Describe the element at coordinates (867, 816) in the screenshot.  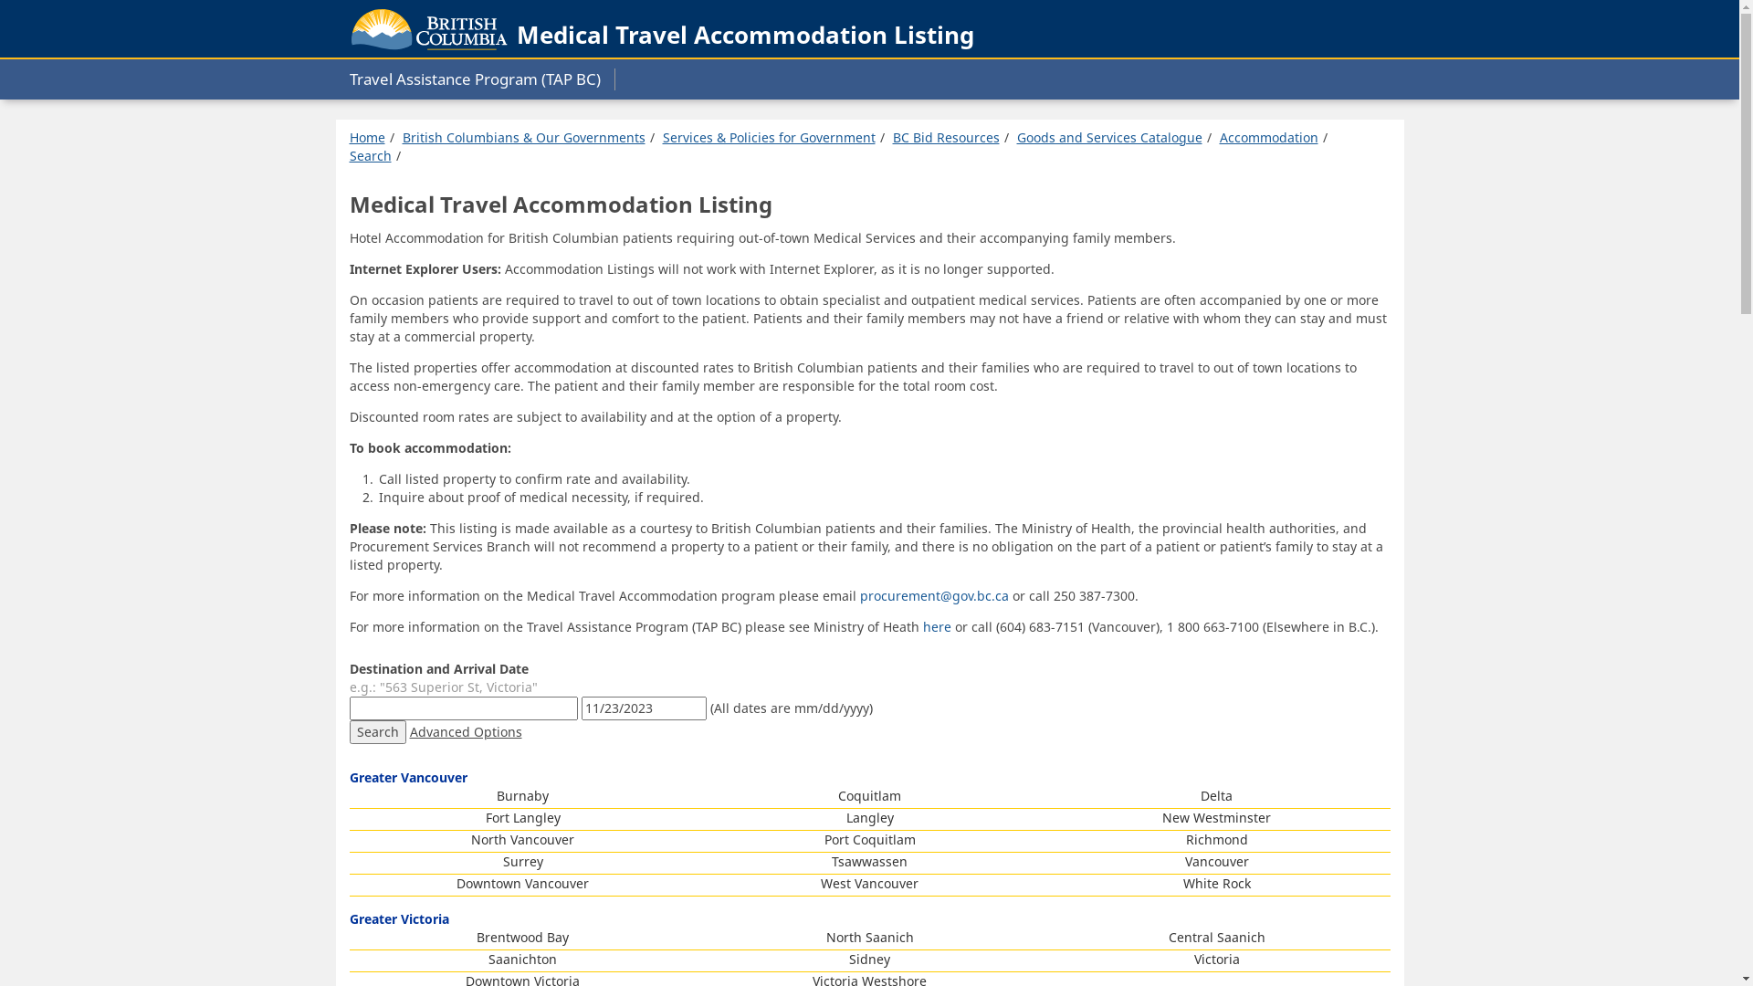
I see `'Langley'` at that location.